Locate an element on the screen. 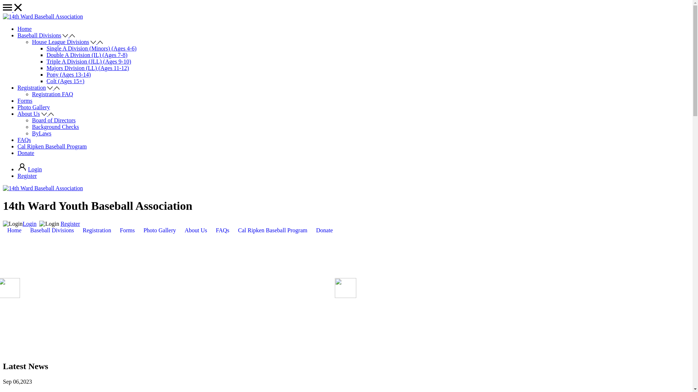  'Pony (Ages 13-14)' is located at coordinates (68, 74).